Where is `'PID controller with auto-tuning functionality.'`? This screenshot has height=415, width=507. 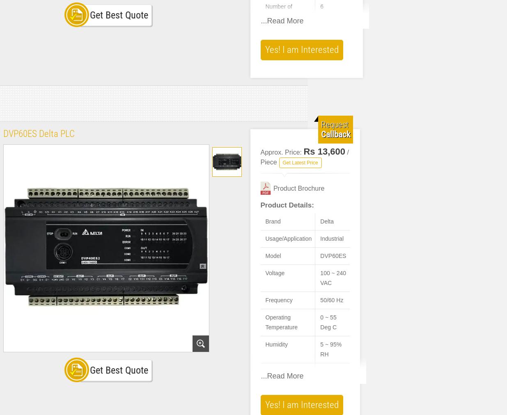 'PID controller with auto-tuning functionality.' is located at coordinates (271, 127).